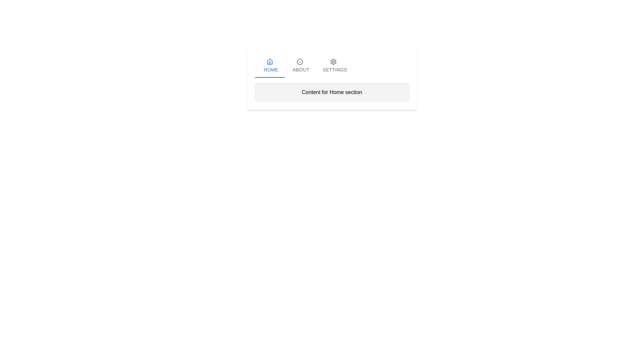 This screenshot has width=639, height=359. I want to click on the small gear icon representing settings, located within the 'Settings' tab button in the navigation bar, so click(333, 62).